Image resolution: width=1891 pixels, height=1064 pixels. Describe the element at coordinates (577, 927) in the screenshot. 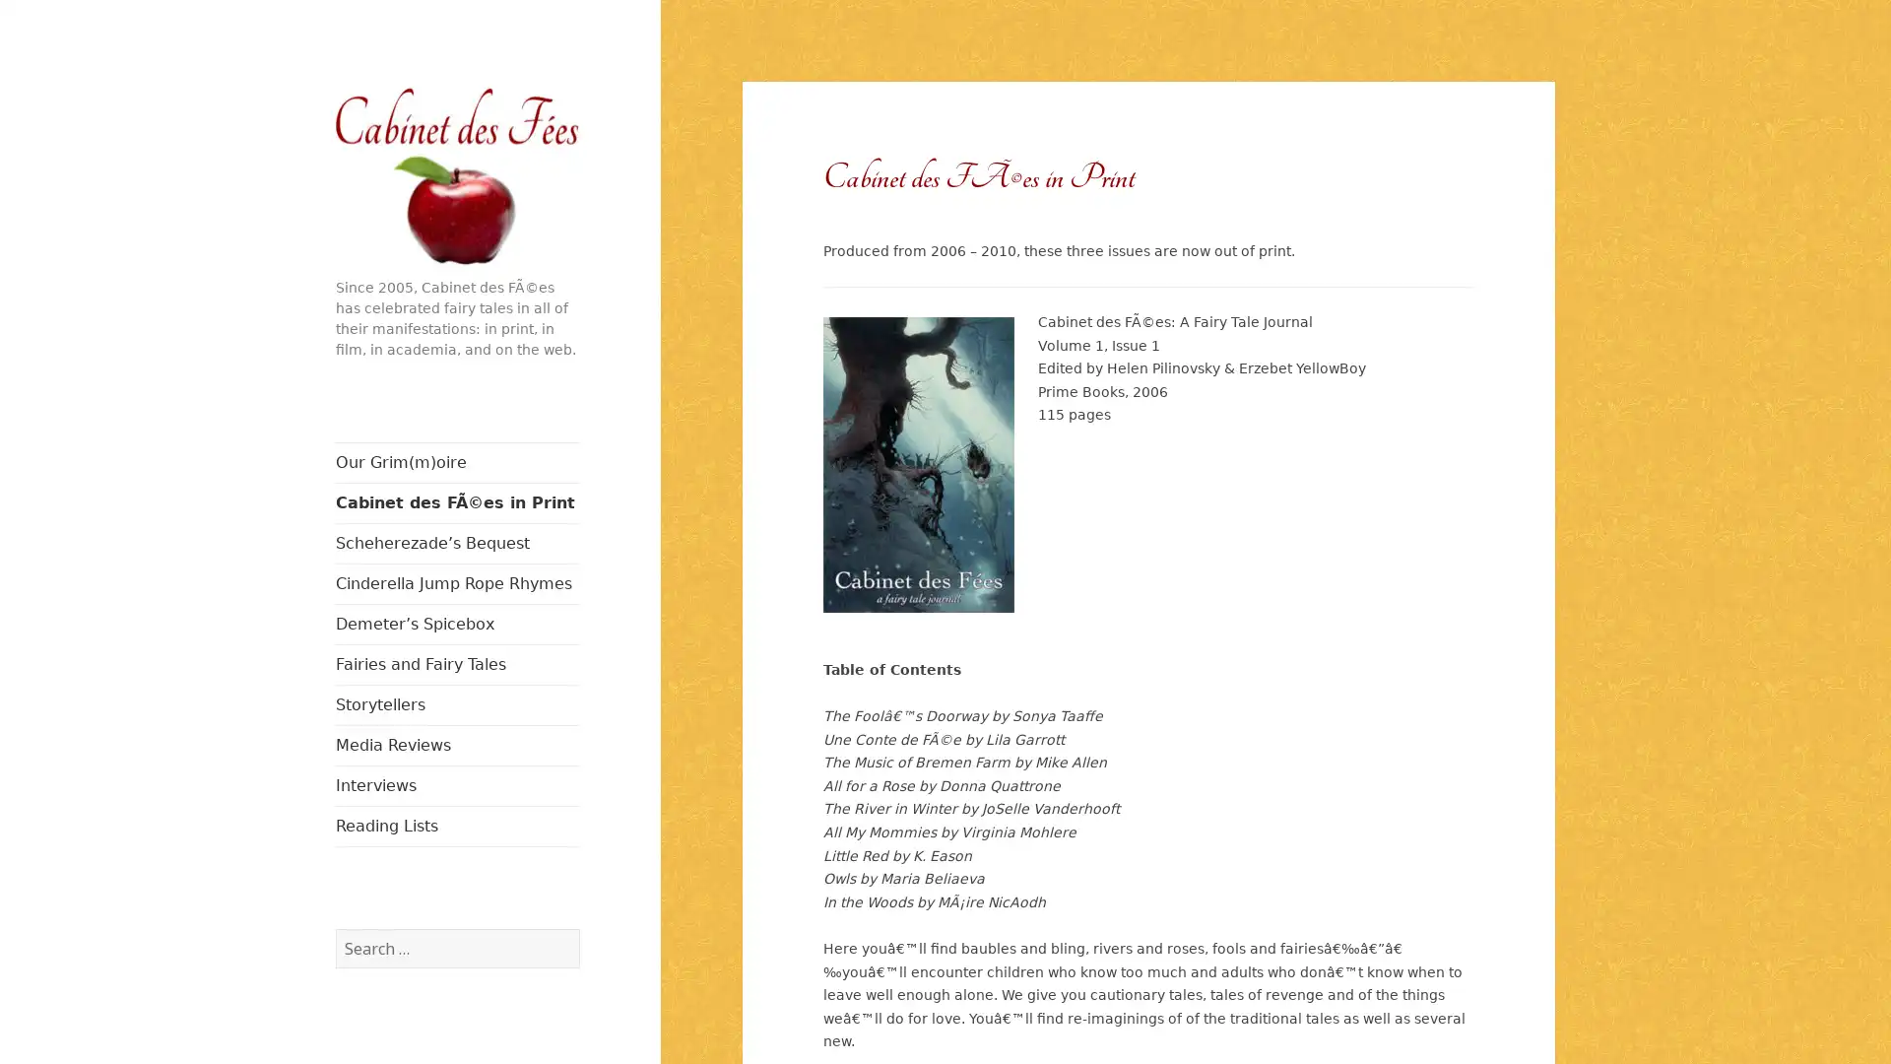

I see `Search` at that location.